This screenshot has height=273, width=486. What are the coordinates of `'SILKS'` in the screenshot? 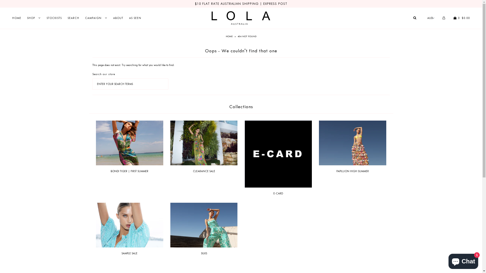 It's located at (204, 253).